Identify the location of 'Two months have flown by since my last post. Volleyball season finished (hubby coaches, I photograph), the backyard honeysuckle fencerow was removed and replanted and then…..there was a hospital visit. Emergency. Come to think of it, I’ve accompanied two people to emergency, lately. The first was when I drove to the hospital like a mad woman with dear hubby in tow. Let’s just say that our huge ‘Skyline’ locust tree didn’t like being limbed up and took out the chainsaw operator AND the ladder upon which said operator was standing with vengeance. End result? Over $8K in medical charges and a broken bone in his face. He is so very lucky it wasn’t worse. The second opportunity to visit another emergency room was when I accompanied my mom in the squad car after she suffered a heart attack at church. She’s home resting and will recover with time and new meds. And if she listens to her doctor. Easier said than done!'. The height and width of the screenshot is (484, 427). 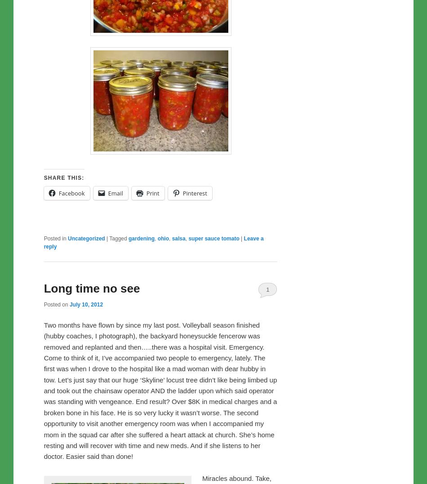
(160, 390).